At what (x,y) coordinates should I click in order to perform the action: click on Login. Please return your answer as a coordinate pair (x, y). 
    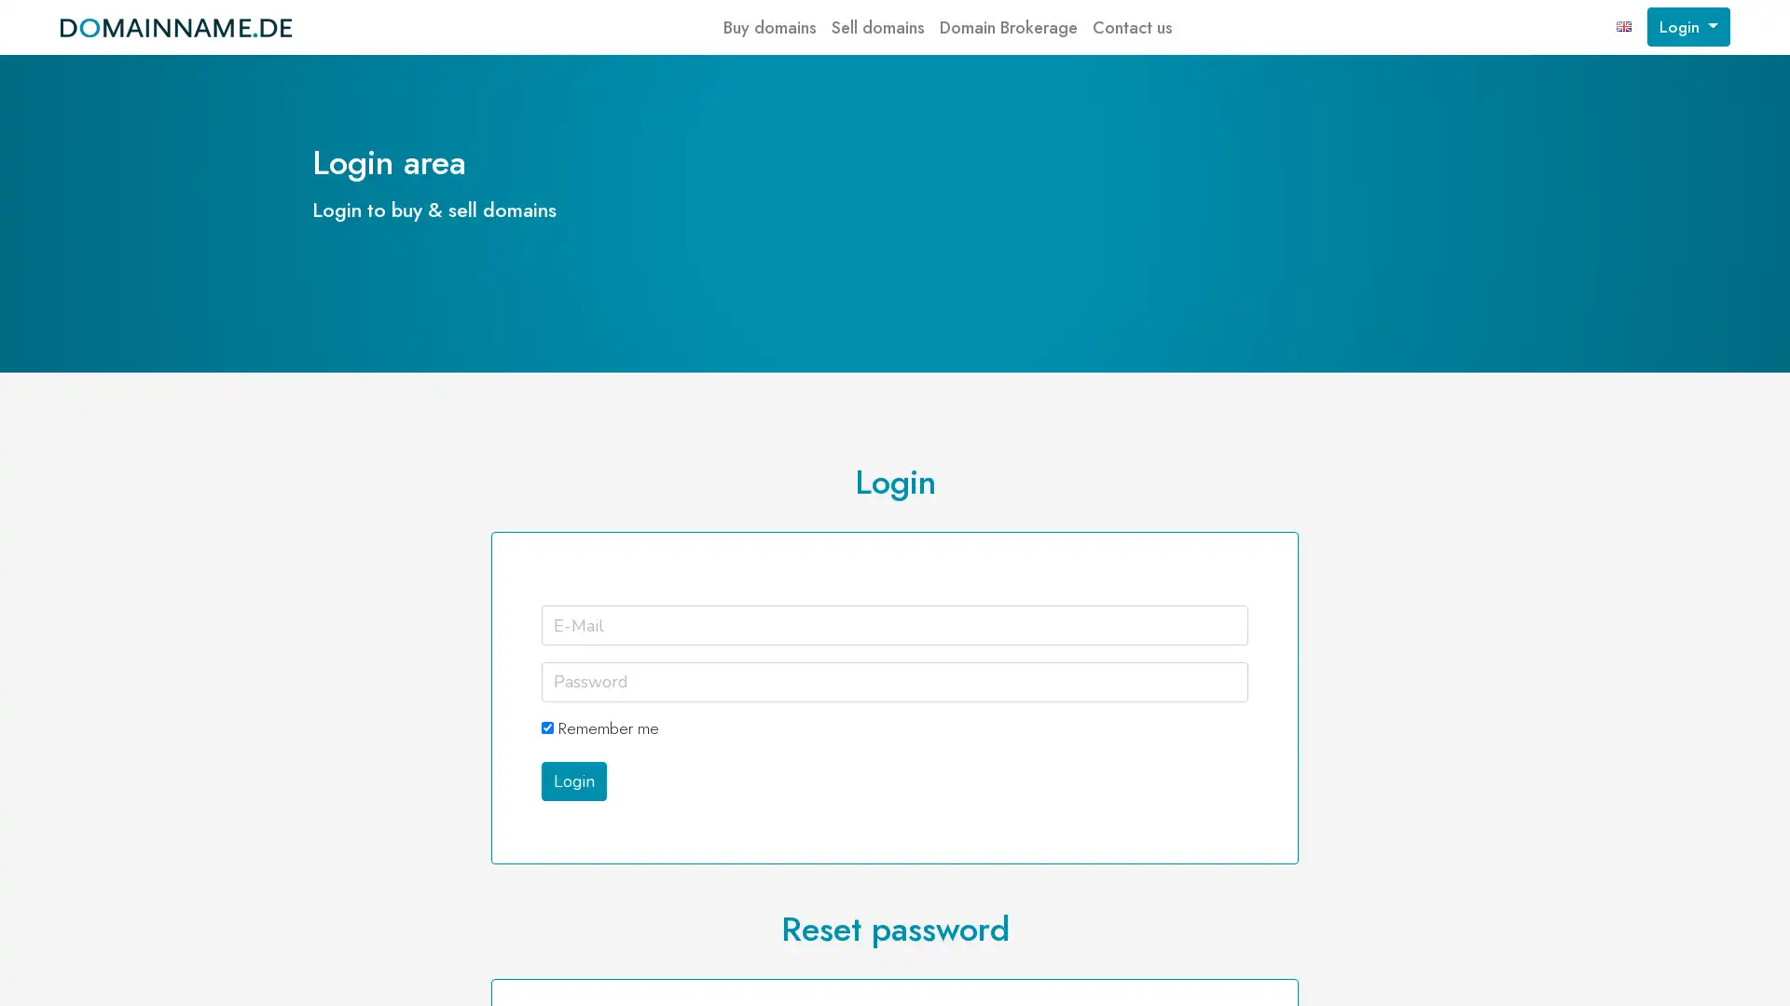
    Looking at the image, I should click on (1687, 27).